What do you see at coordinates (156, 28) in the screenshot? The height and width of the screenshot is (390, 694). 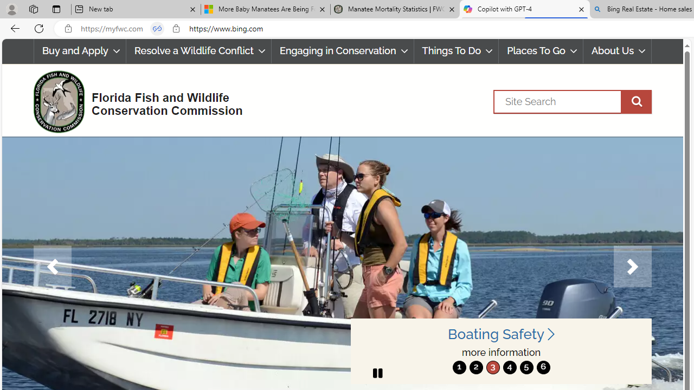 I see `'Tabs in split screen'` at bounding box center [156, 28].